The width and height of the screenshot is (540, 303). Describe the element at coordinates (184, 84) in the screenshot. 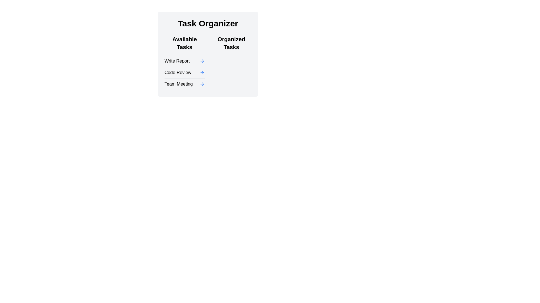

I see `the list item labeled 'Team Meeting' with a blue arrow icon, which is the third item` at that location.